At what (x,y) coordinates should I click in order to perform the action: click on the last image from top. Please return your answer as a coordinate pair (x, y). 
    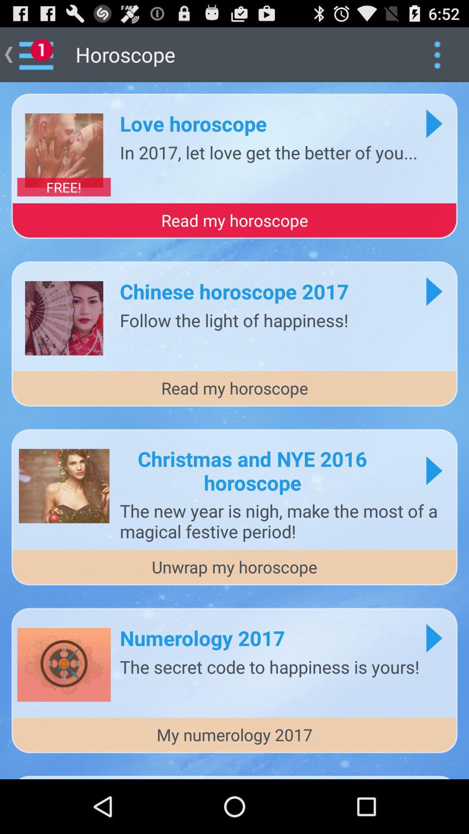
    Looking at the image, I should click on (63, 664).